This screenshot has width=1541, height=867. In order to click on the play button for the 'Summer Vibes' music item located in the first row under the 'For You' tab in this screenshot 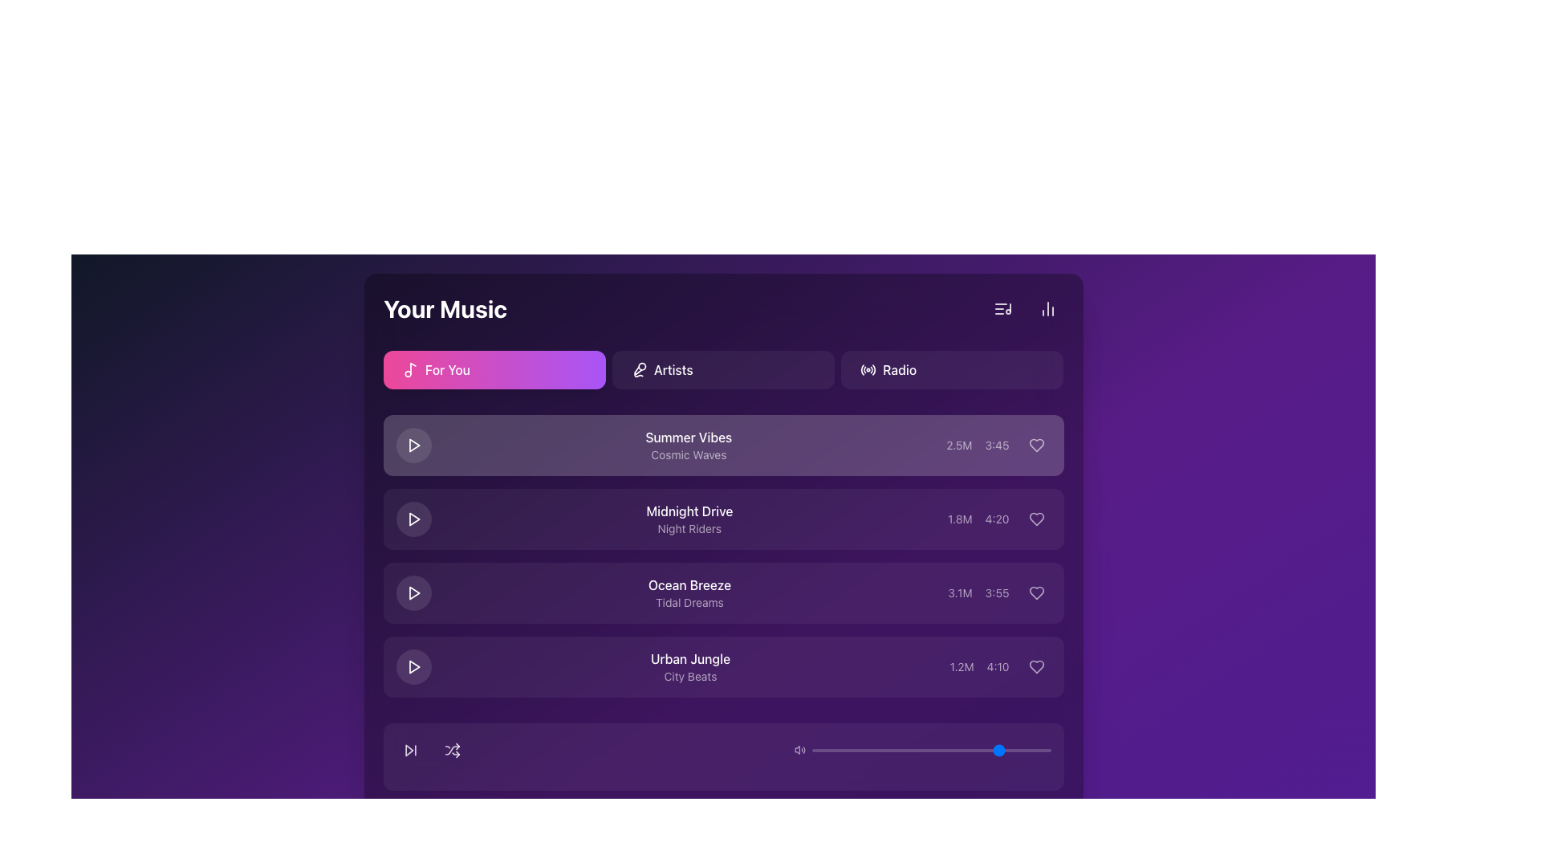, I will do `click(413, 446)`.